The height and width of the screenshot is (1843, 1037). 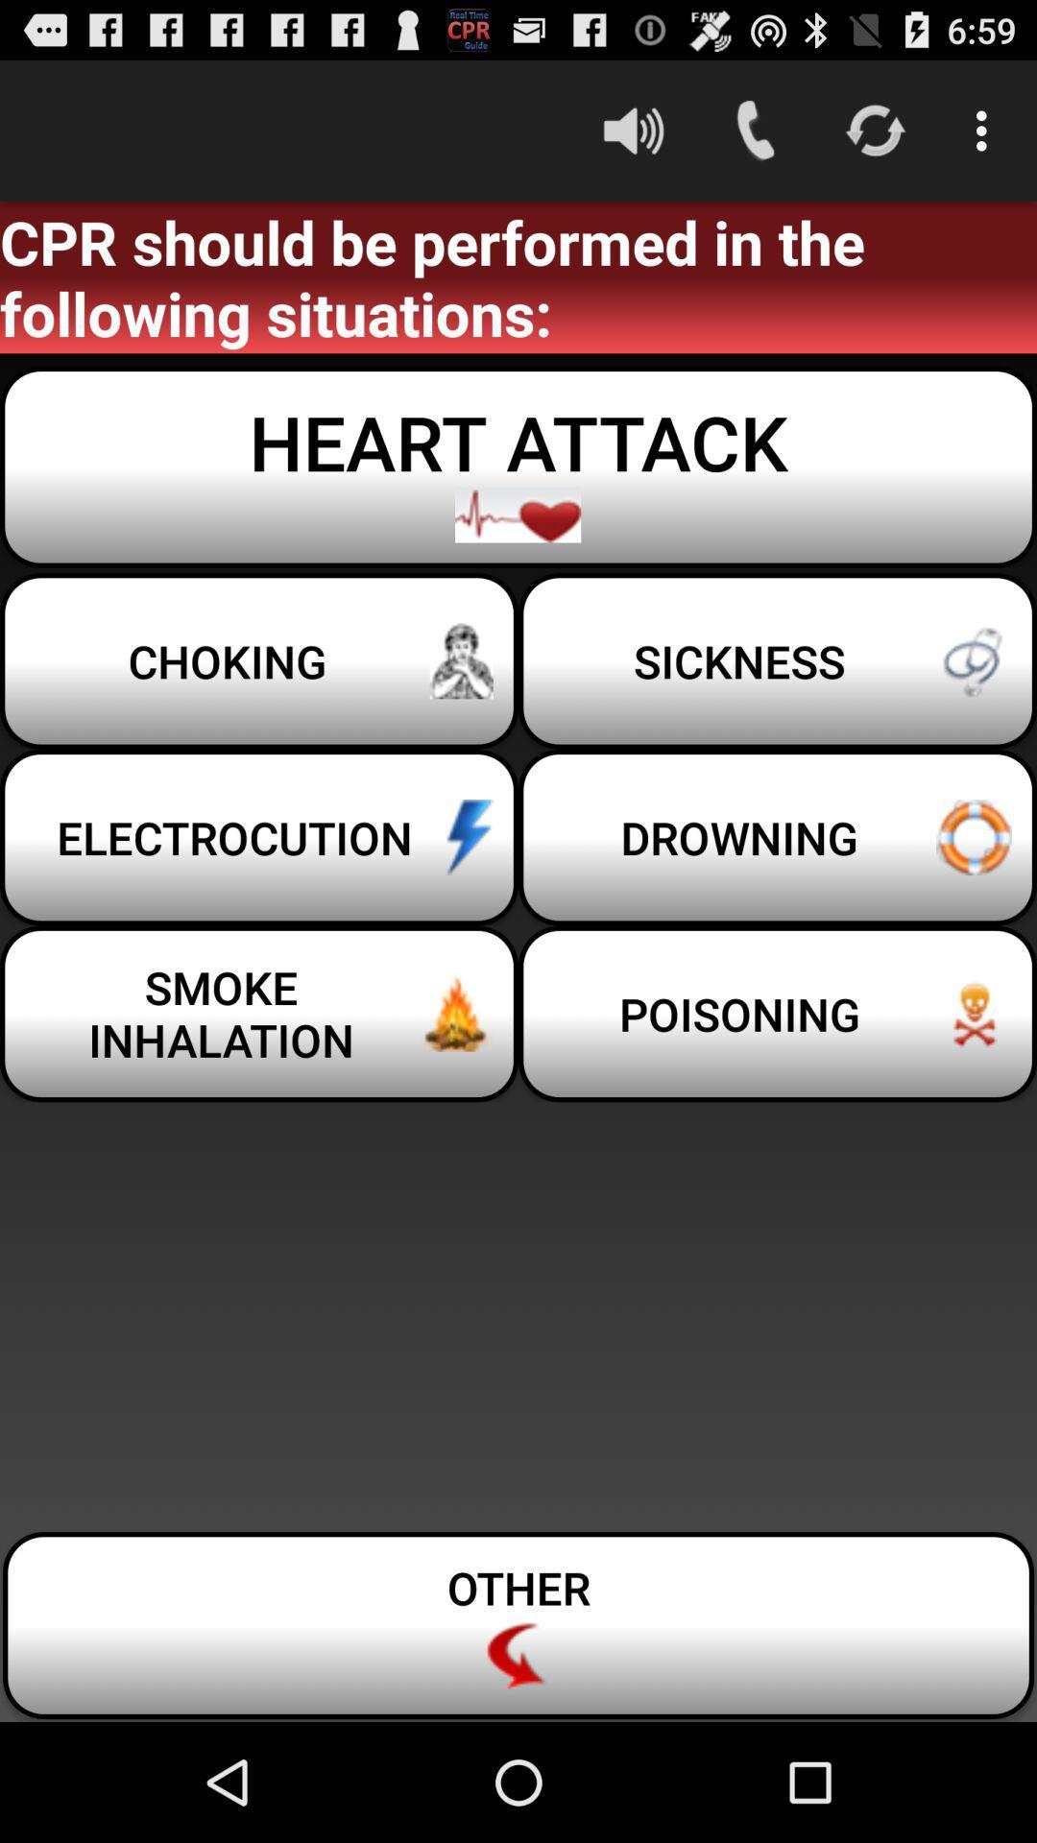 I want to click on icon above the electrocution icon, so click(x=778, y=660).